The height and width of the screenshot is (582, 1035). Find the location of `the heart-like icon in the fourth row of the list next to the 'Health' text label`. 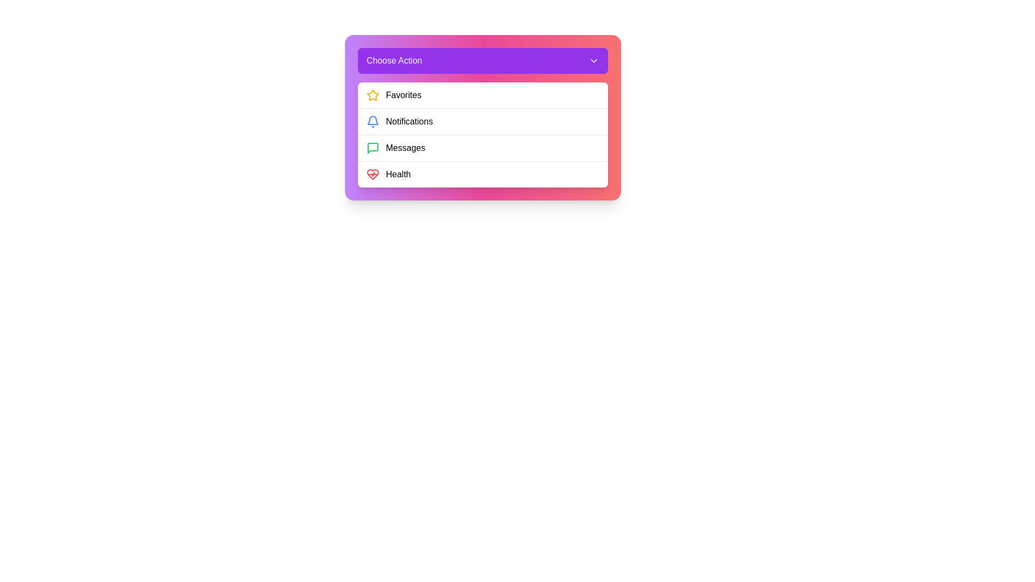

the heart-like icon in the fourth row of the list next to the 'Health' text label is located at coordinates (372, 174).